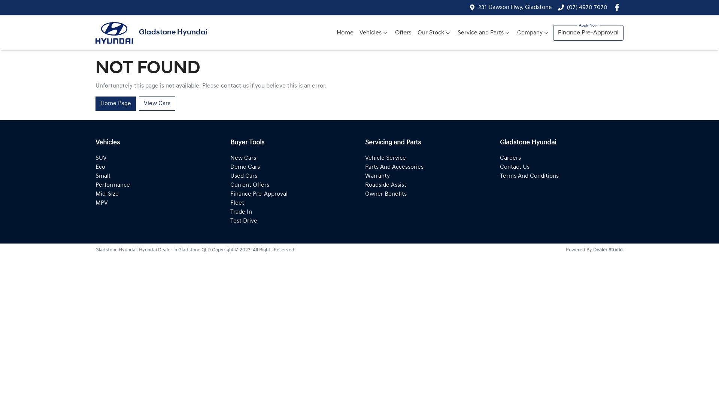 This screenshot has height=404, width=719. I want to click on 'Current Offers', so click(230, 185).